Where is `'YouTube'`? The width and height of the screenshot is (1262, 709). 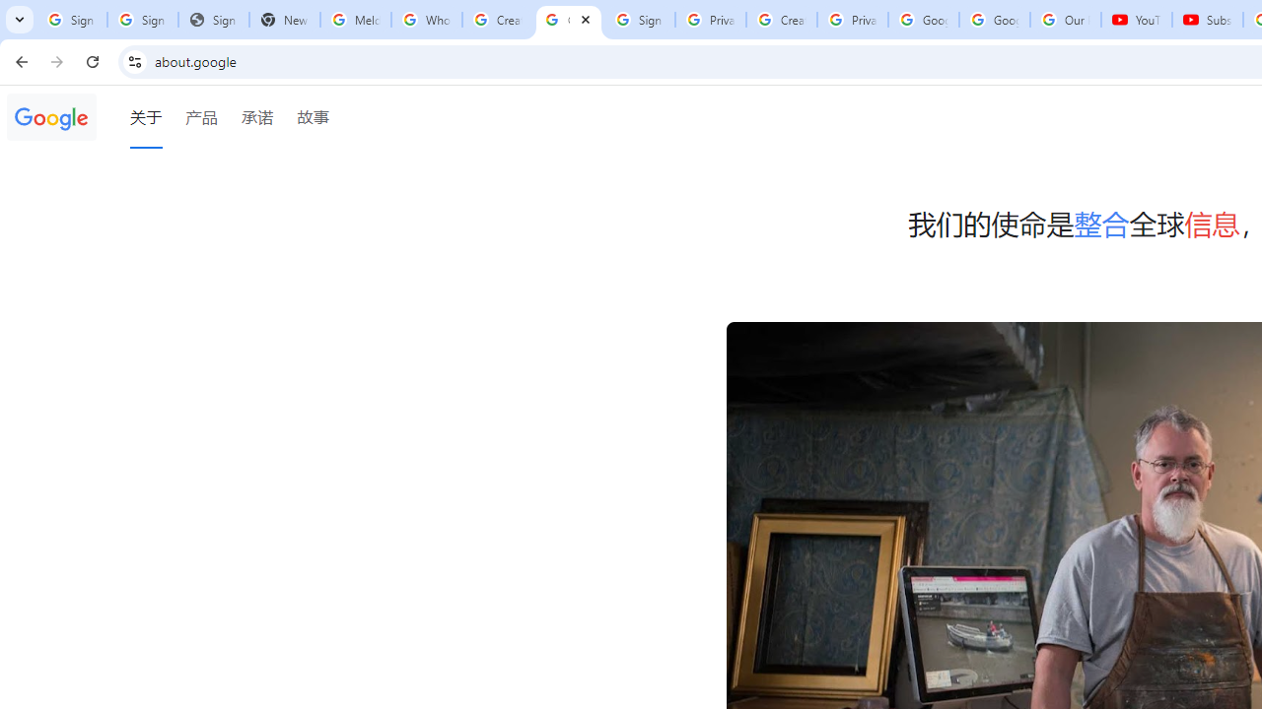 'YouTube' is located at coordinates (1137, 20).